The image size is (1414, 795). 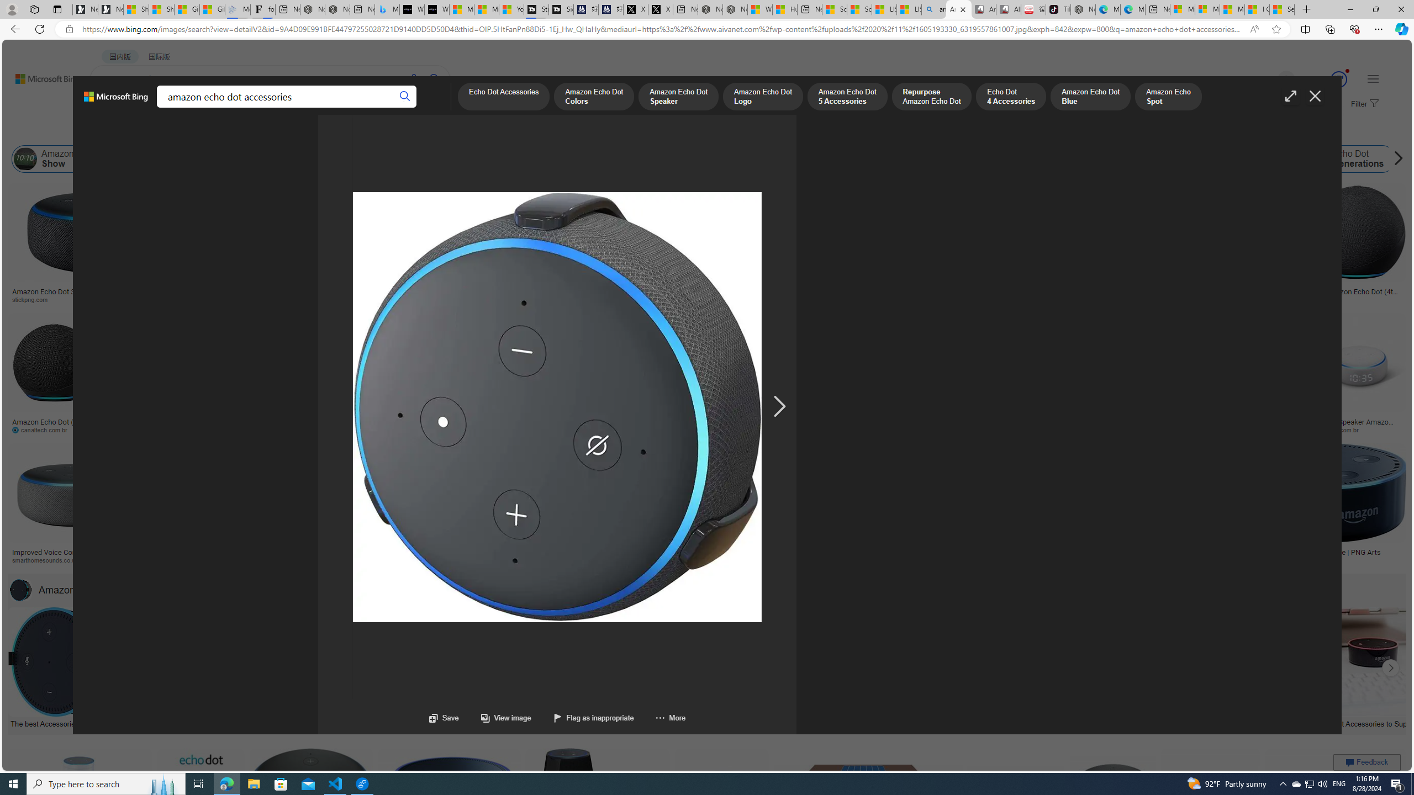 I want to click on 'More', so click(x=659, y=717).